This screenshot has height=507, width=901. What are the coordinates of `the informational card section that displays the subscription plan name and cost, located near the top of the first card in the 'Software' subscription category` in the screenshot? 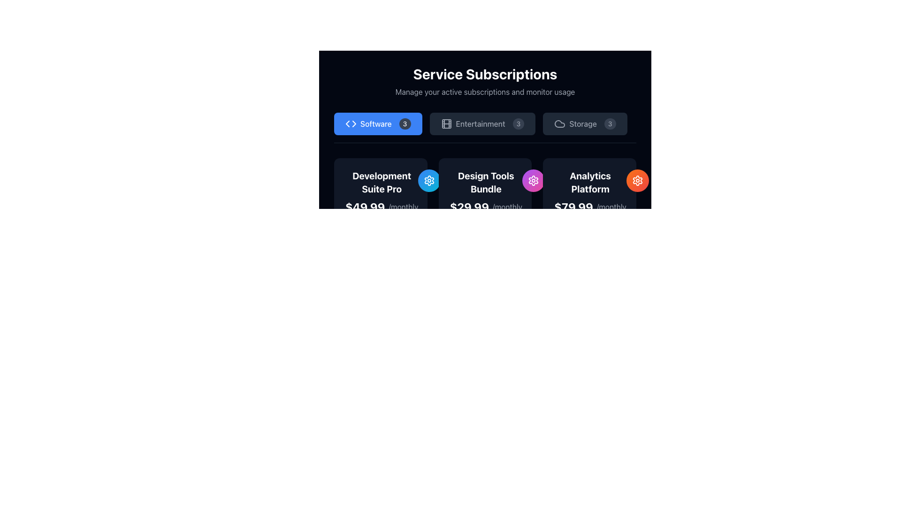 It's located at (381, 191).